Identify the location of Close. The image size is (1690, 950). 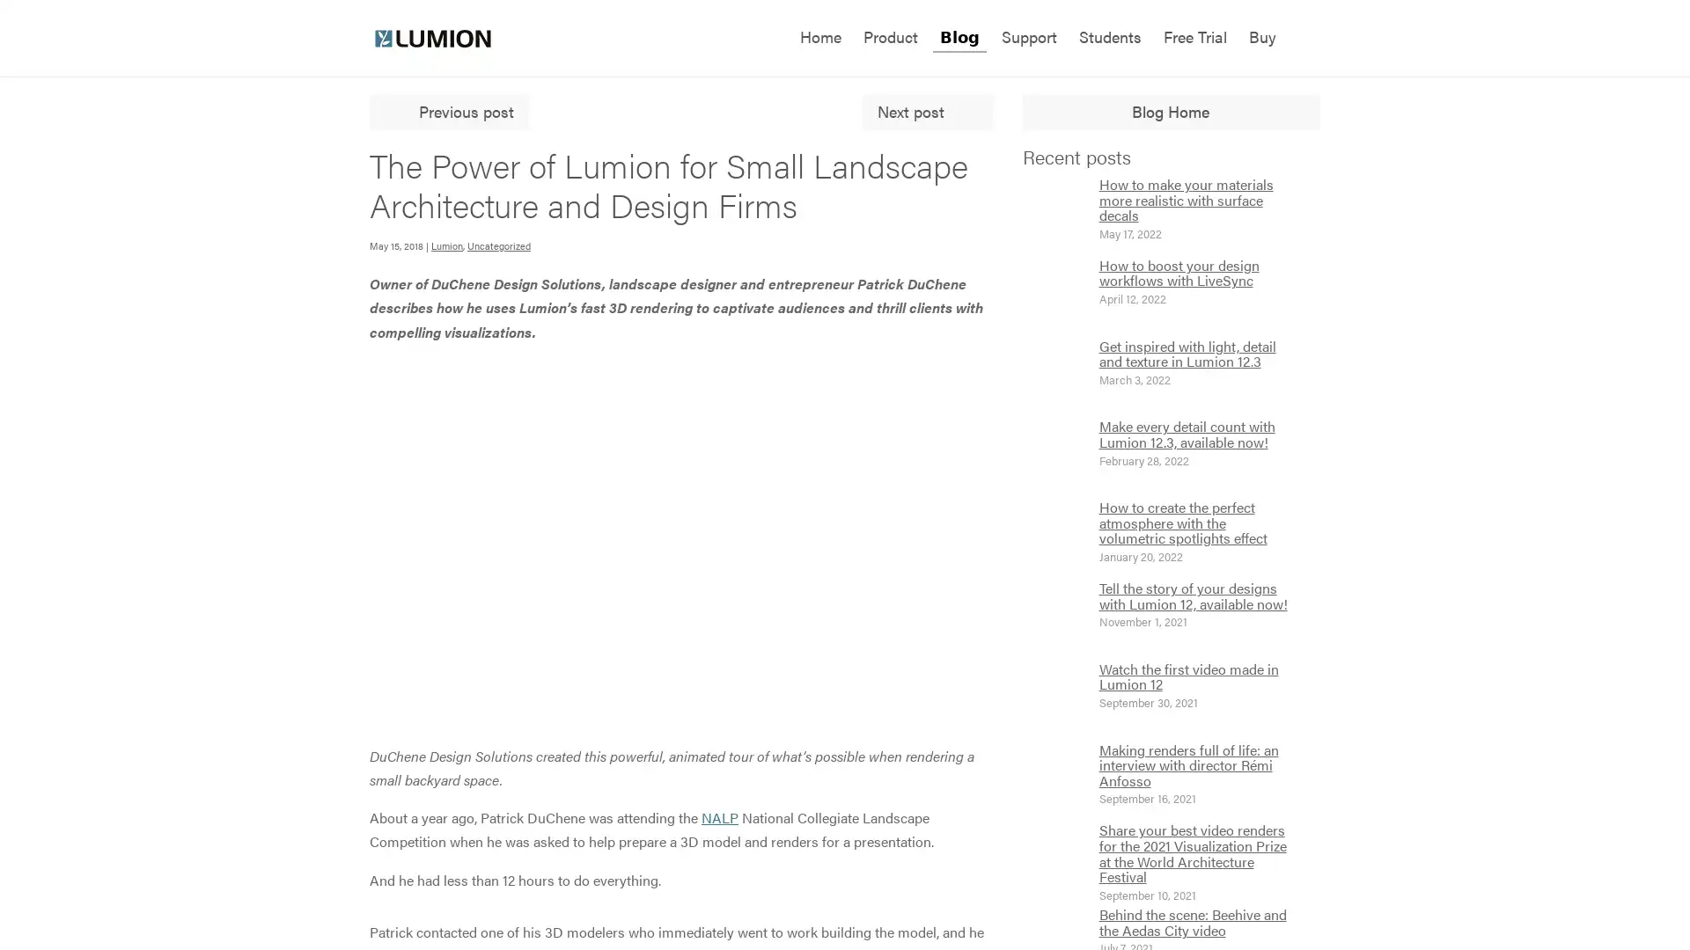
(321, 718).